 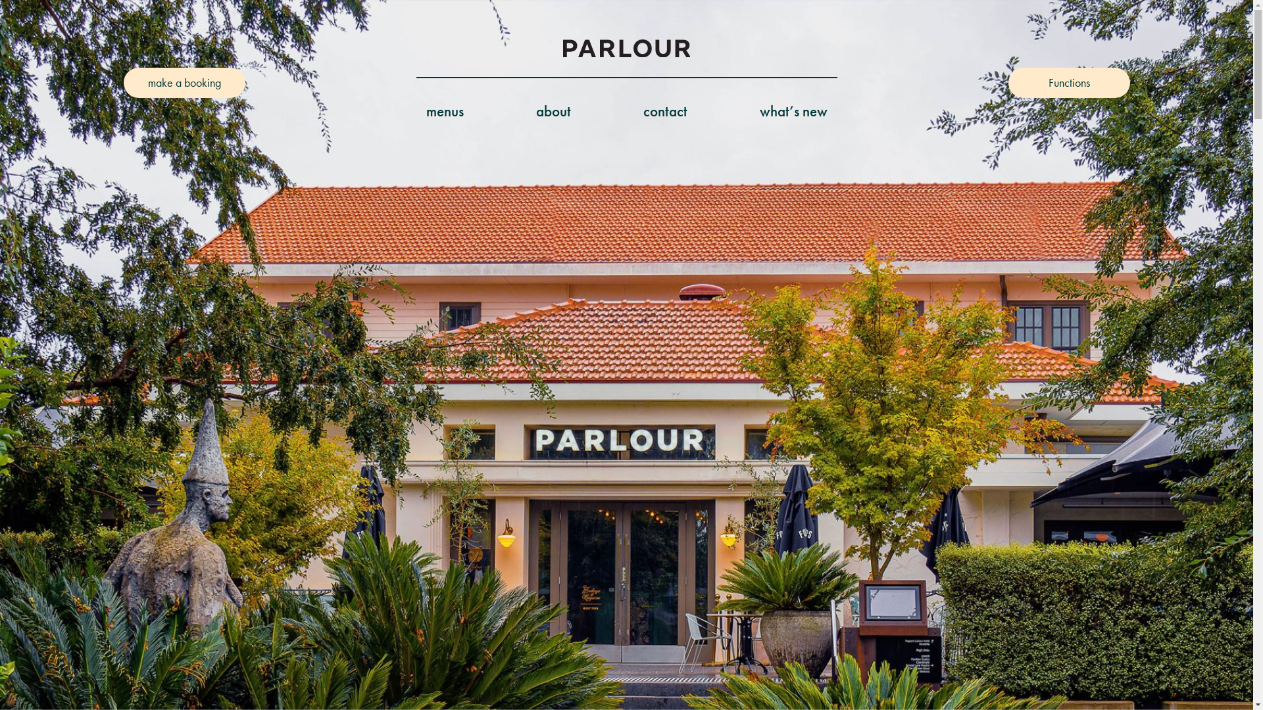 What do you see at coordinates (184, 83) in the screenshot?
I see `'make a booking'` at bounding box center [184, 83].